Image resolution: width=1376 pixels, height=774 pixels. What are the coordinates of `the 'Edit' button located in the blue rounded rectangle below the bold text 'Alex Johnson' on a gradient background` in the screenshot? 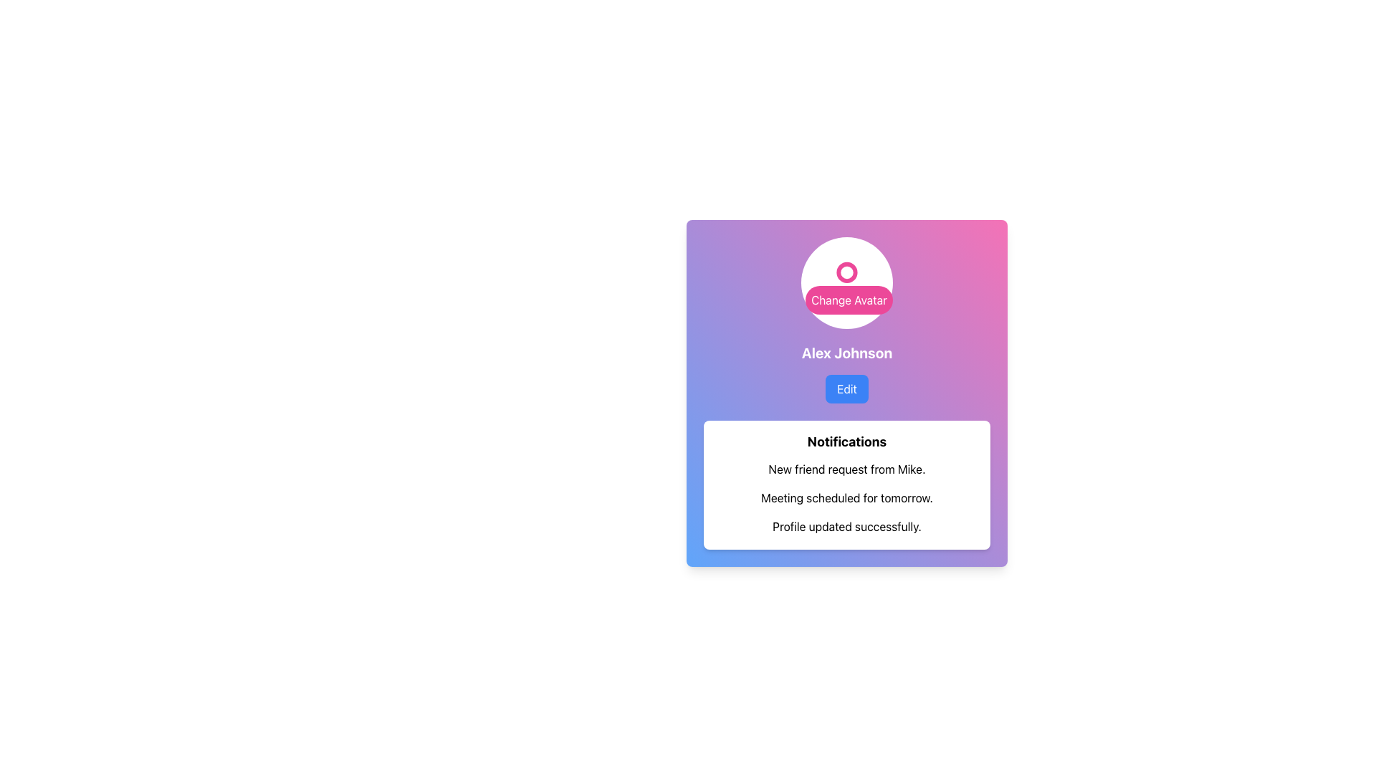 It's located at (846, 372).